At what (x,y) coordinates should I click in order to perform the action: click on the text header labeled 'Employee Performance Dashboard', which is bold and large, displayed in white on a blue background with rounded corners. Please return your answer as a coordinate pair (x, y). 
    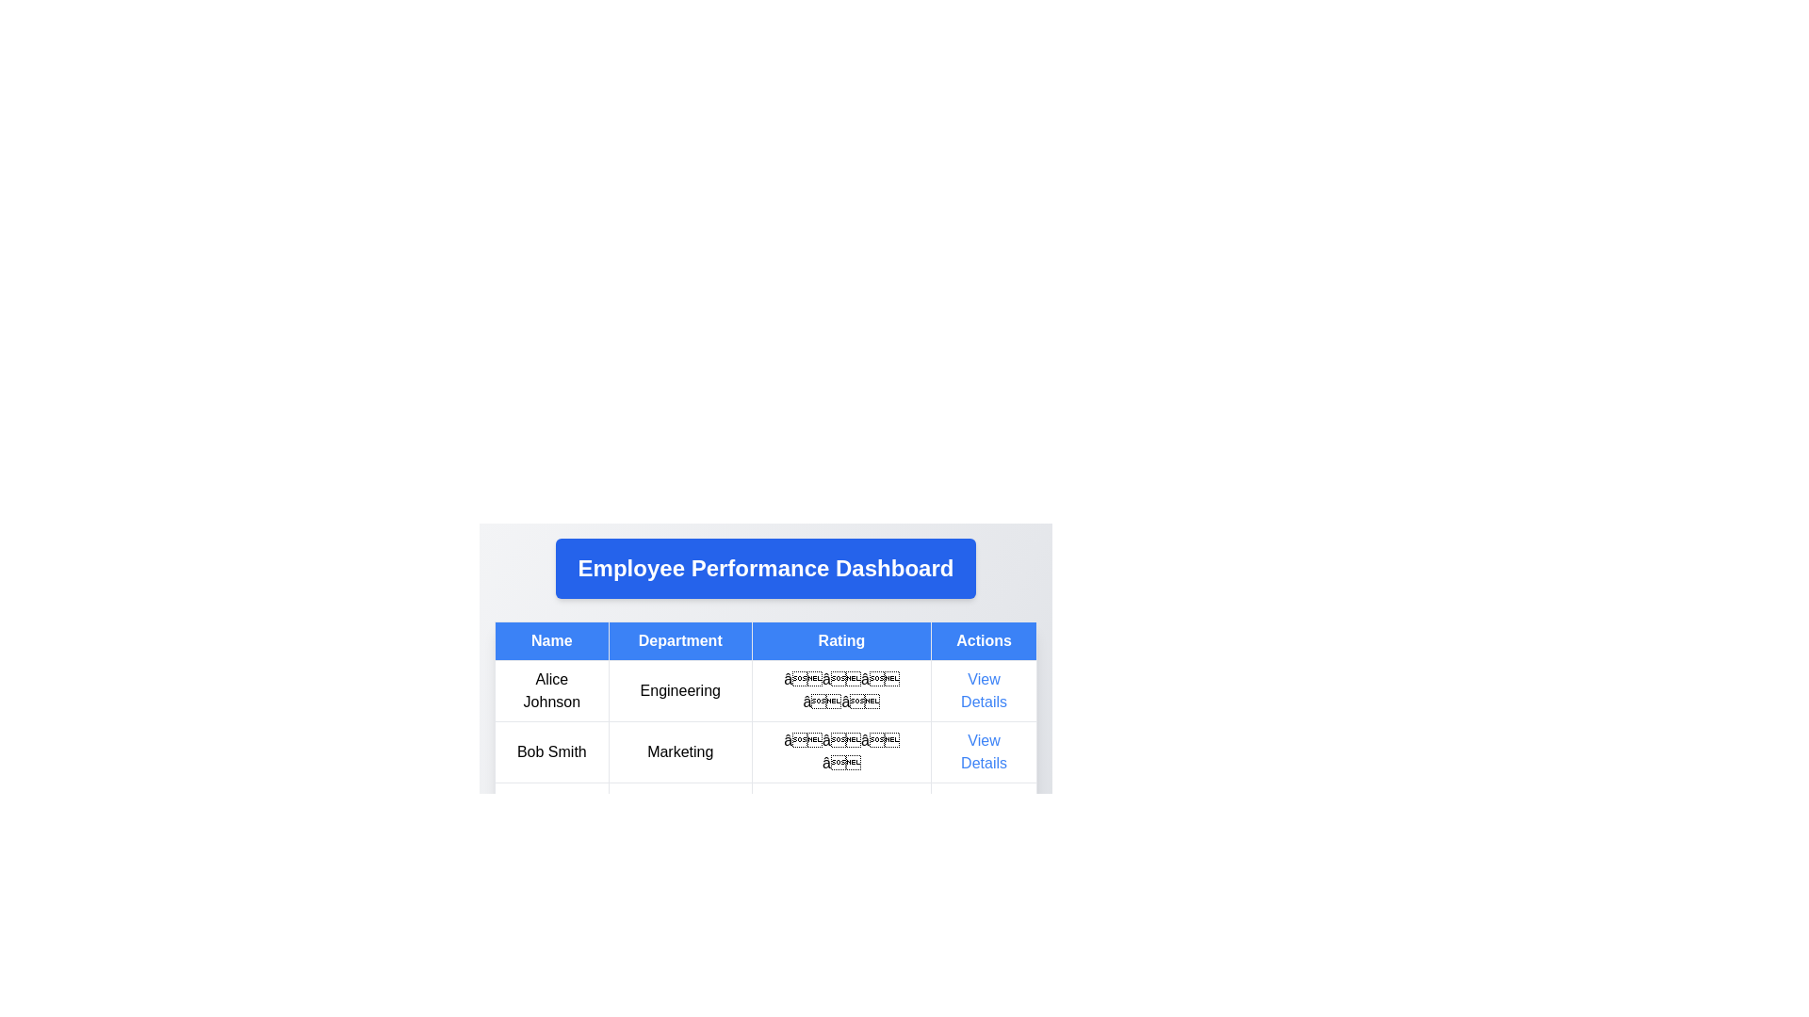
    Looking at the image, I should click on (765, 568).